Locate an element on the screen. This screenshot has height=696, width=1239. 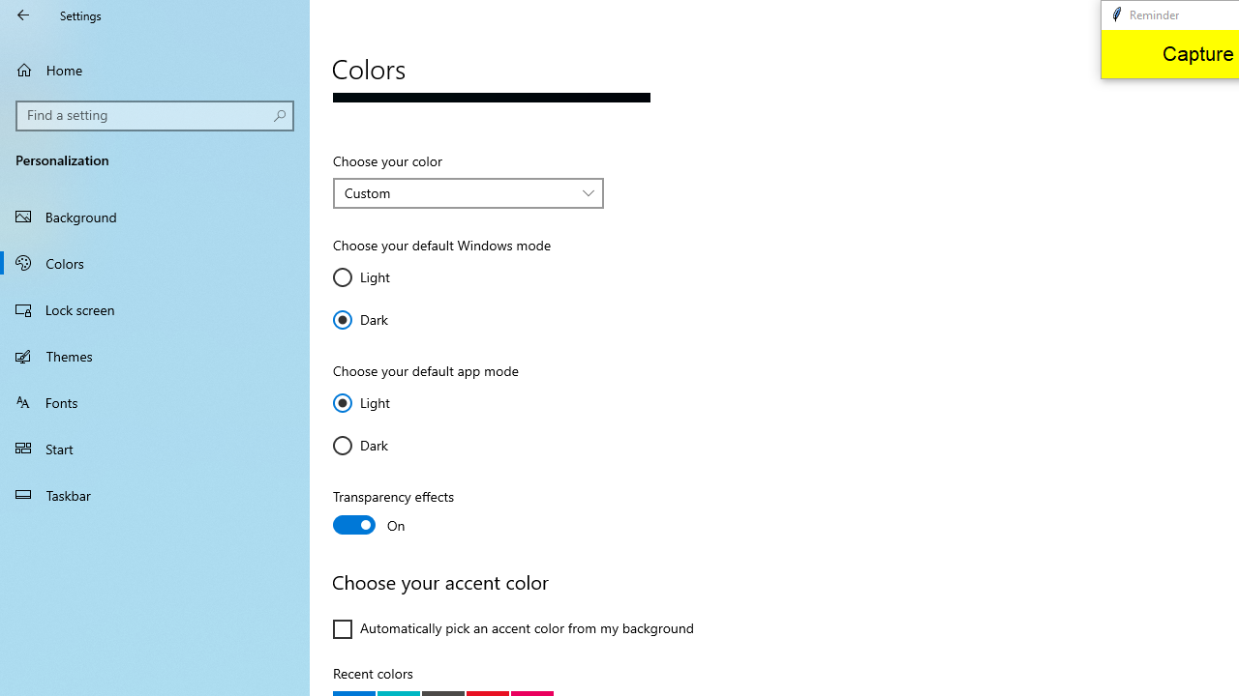
'Search box, Find a setting' is located at coordinates (155, 115).